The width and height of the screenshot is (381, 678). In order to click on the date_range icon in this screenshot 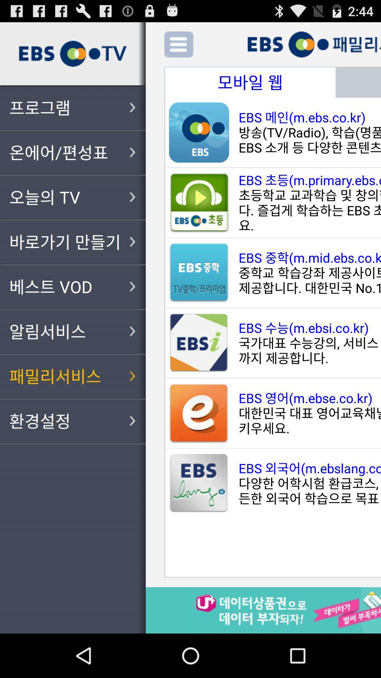, I will do `click(250, 88)`.